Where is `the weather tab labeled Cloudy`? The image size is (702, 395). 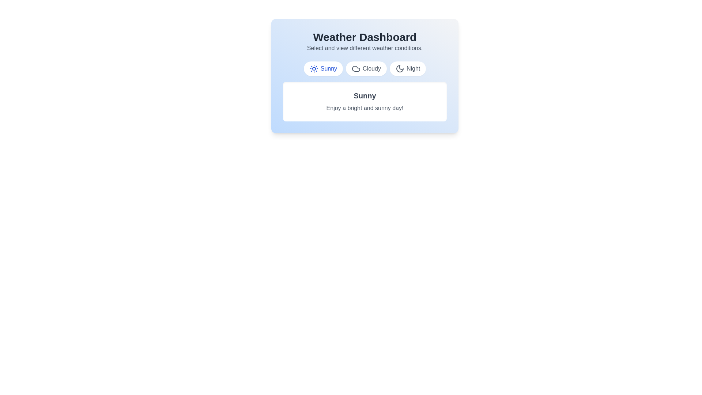
the weather tab labeled Cloudy is located at coordinates (366, 69).